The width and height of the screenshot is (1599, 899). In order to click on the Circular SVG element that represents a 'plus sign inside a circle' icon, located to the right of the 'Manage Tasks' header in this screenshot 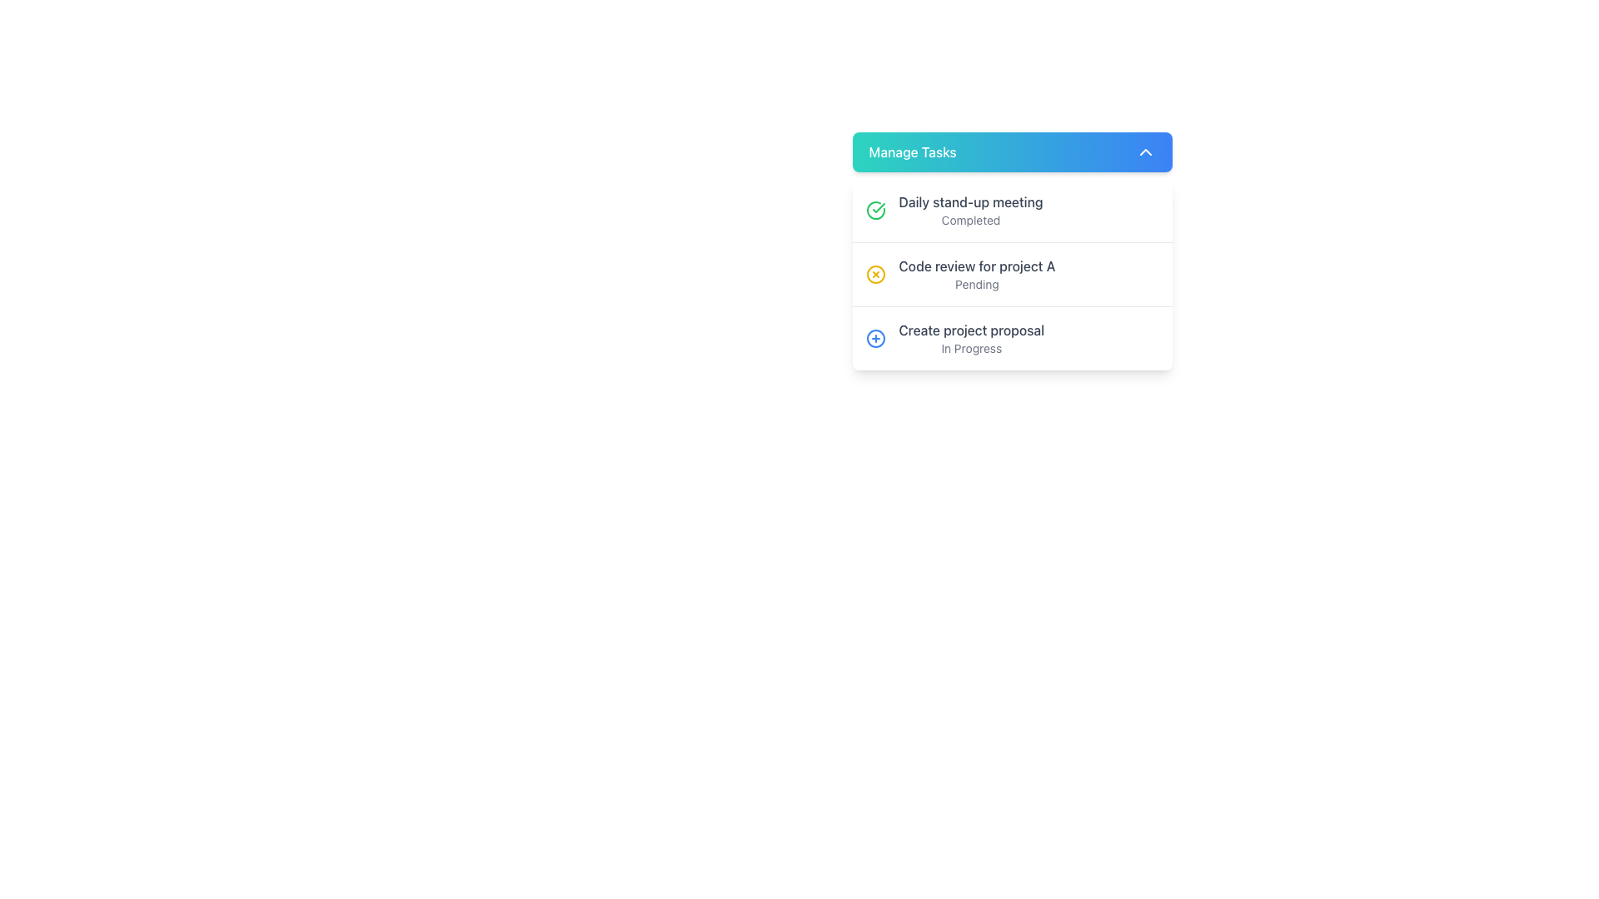, I will do `click(874, 338)`.